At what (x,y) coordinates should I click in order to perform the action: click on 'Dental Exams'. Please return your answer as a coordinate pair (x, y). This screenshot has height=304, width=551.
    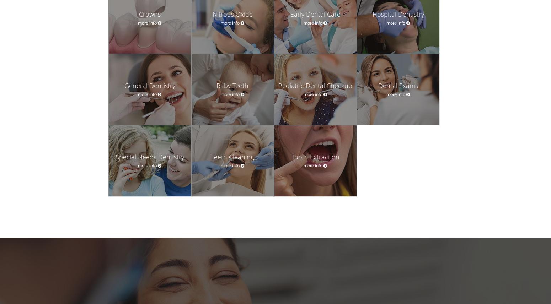
    Looking at the image, I should click on (398, 85).